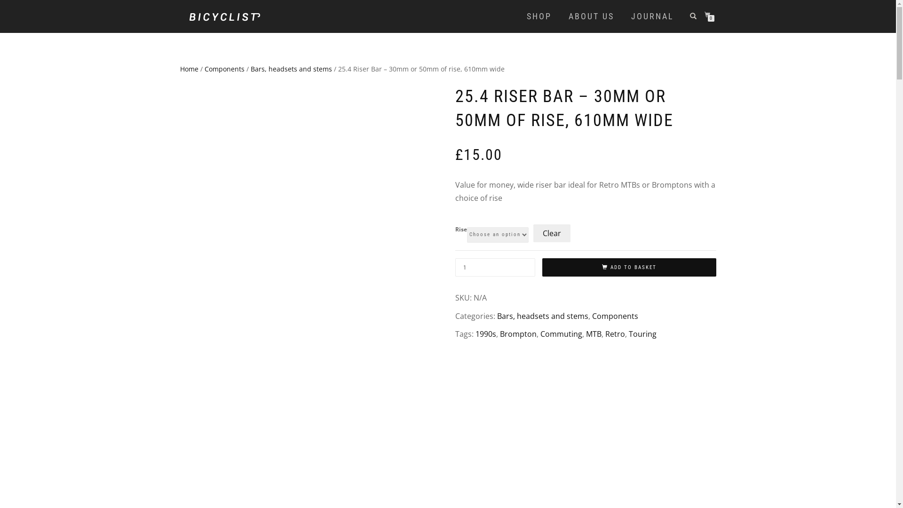 This screenshot has height=508, width=903. What do you see at coordinates (614, 333) in the screenshot?
I see `'Retro'` at bounding box center [614, 333].